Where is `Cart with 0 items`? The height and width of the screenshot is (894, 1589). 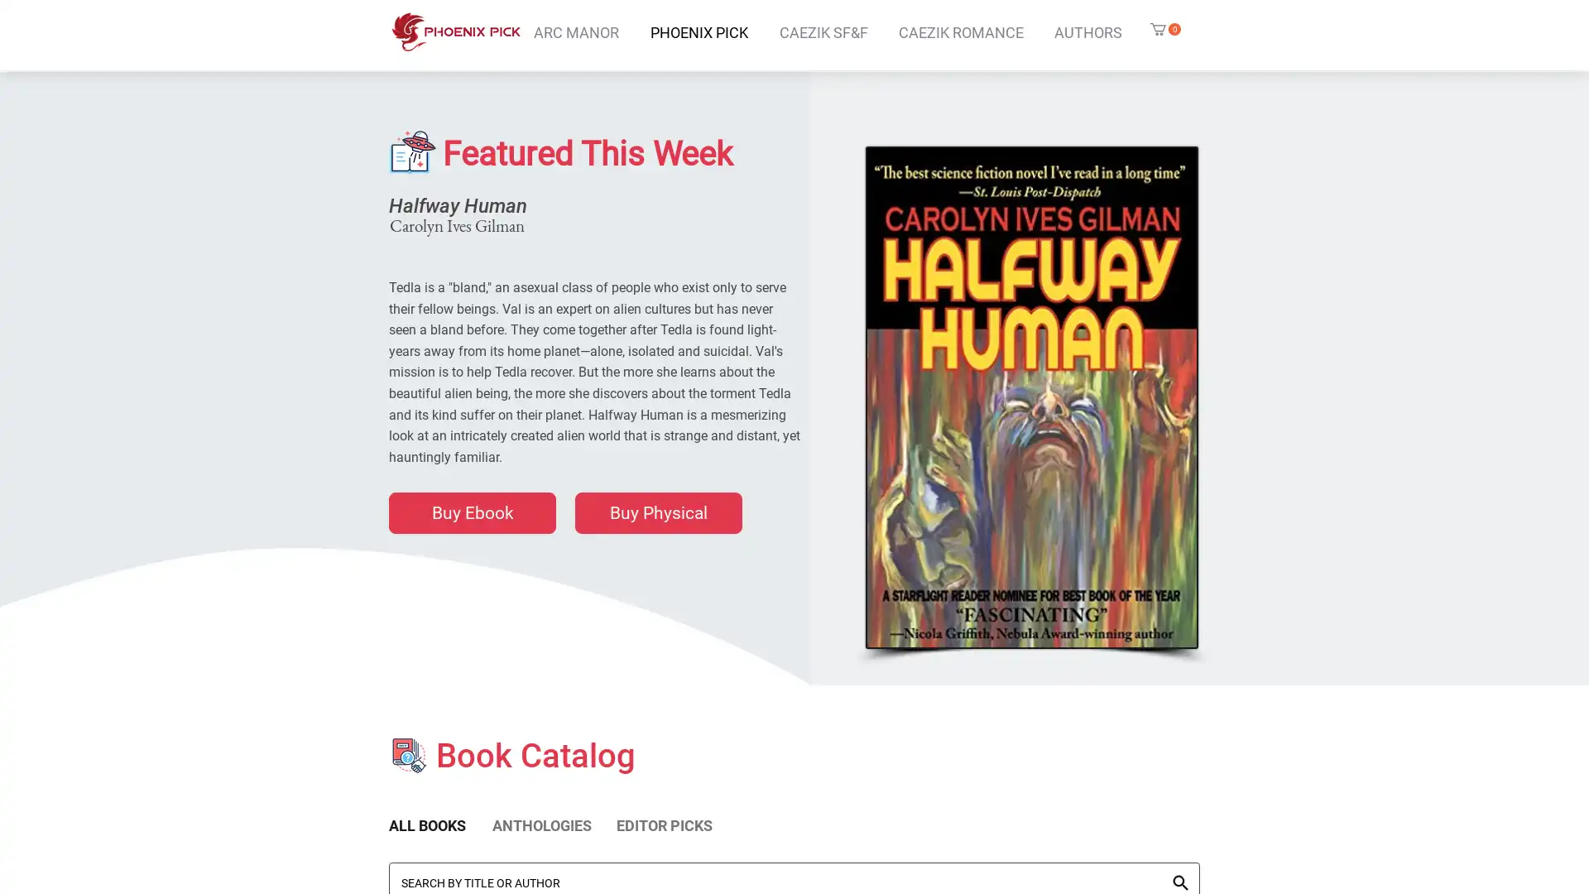
Cart with 0 items is located at coordinates (1164, 29).